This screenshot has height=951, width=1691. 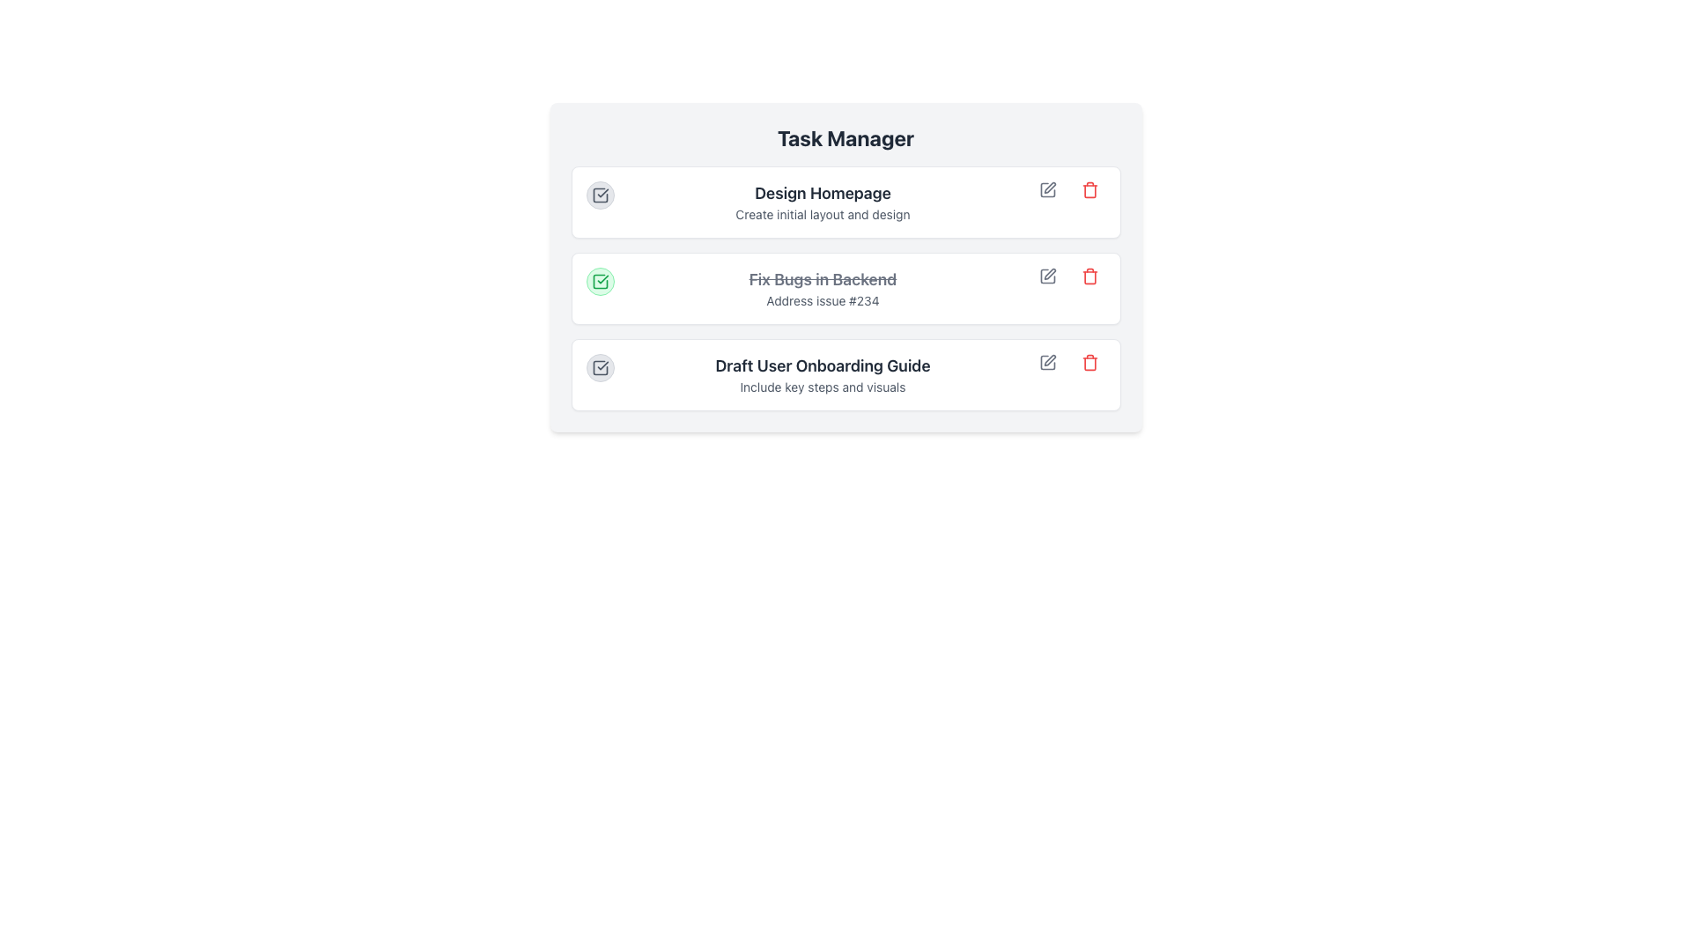 What do you see at coordinates (600, 366) in the screenshot?
I see `the toggle button on the leftmost side of the row for the task 'Draft User Onboarding Guide' to mark it as completed or uncompleted` at bounding box center [600, 366].